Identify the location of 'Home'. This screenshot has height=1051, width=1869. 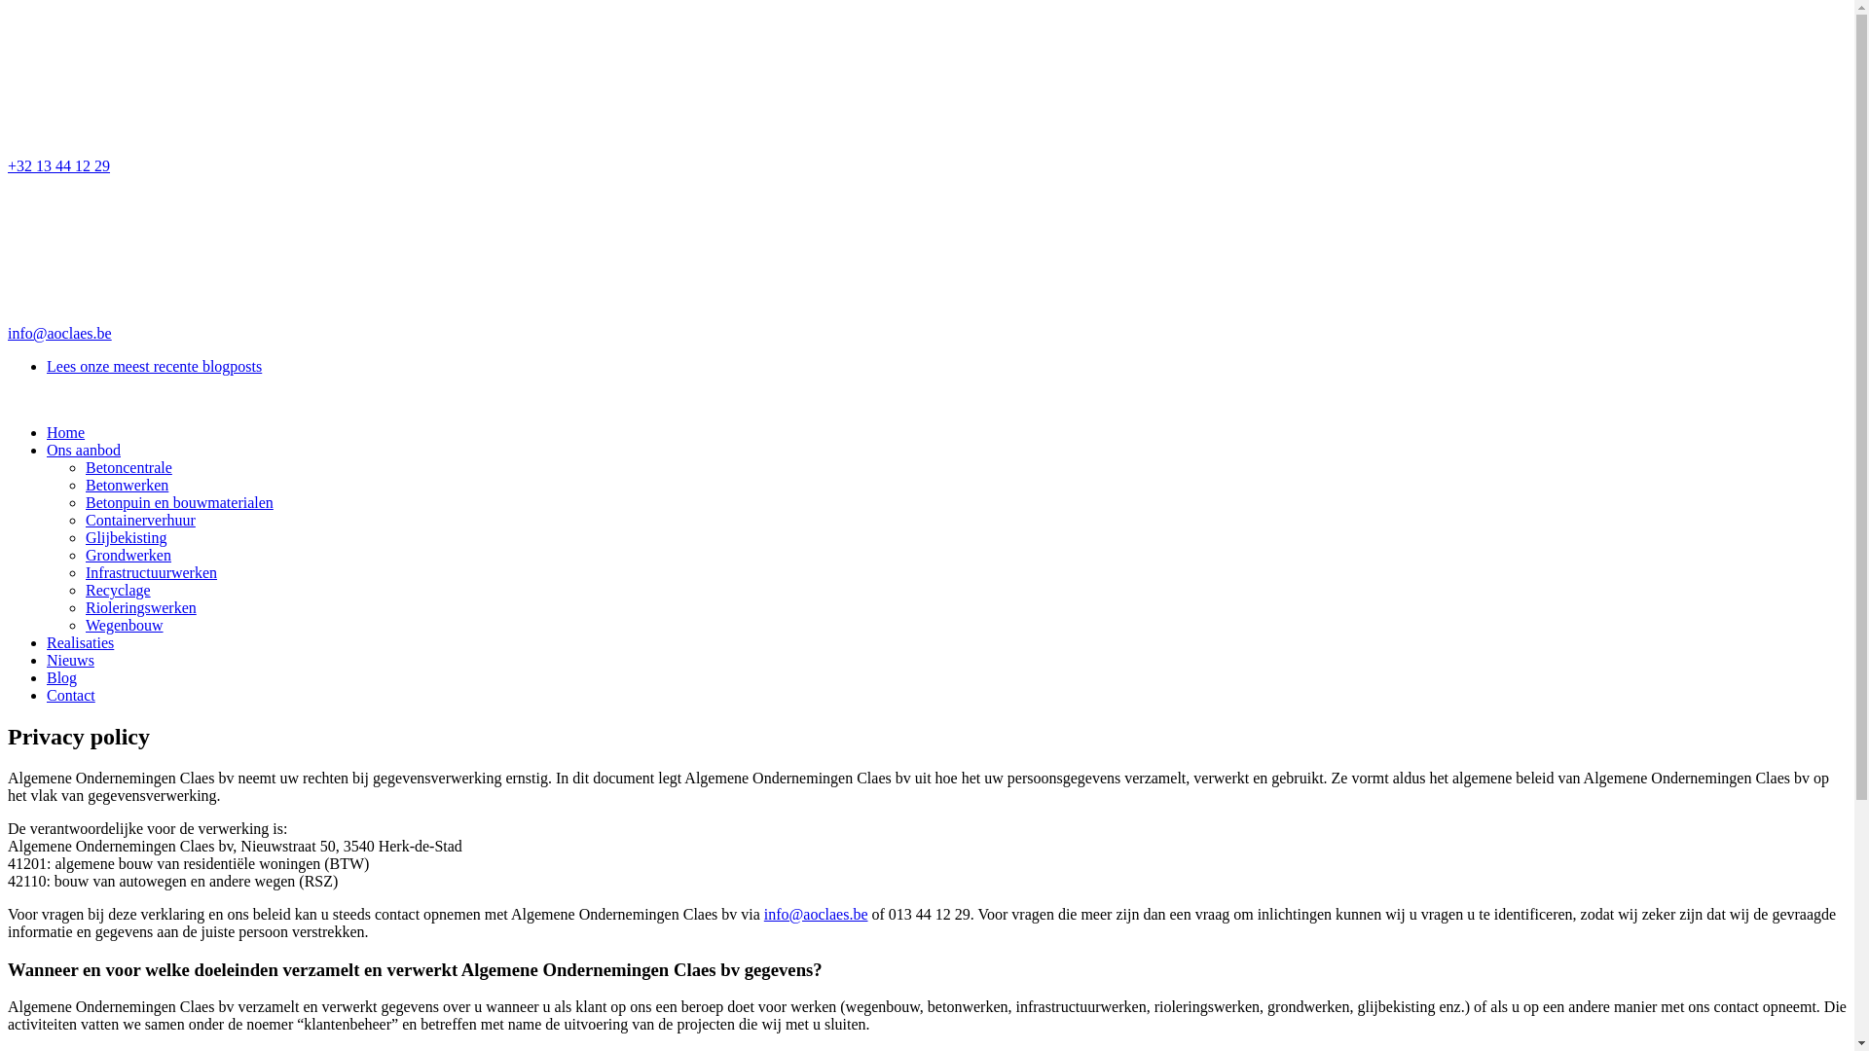
(65, 431).